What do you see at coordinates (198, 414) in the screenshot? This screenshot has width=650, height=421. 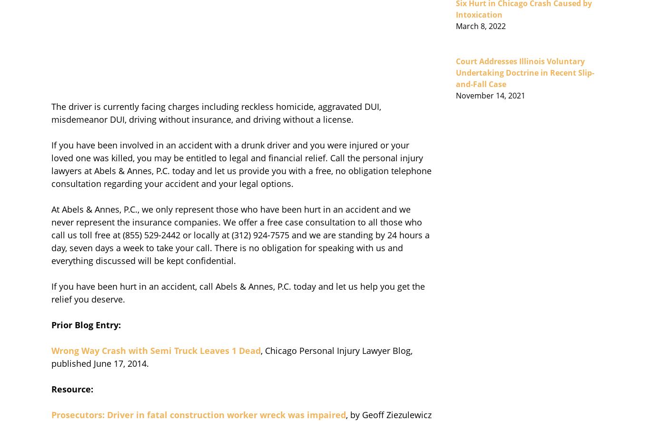 I see `'Prosecutors: Driver in fatal construction worker wreck was impaired'` at bounding box center [198, 414].